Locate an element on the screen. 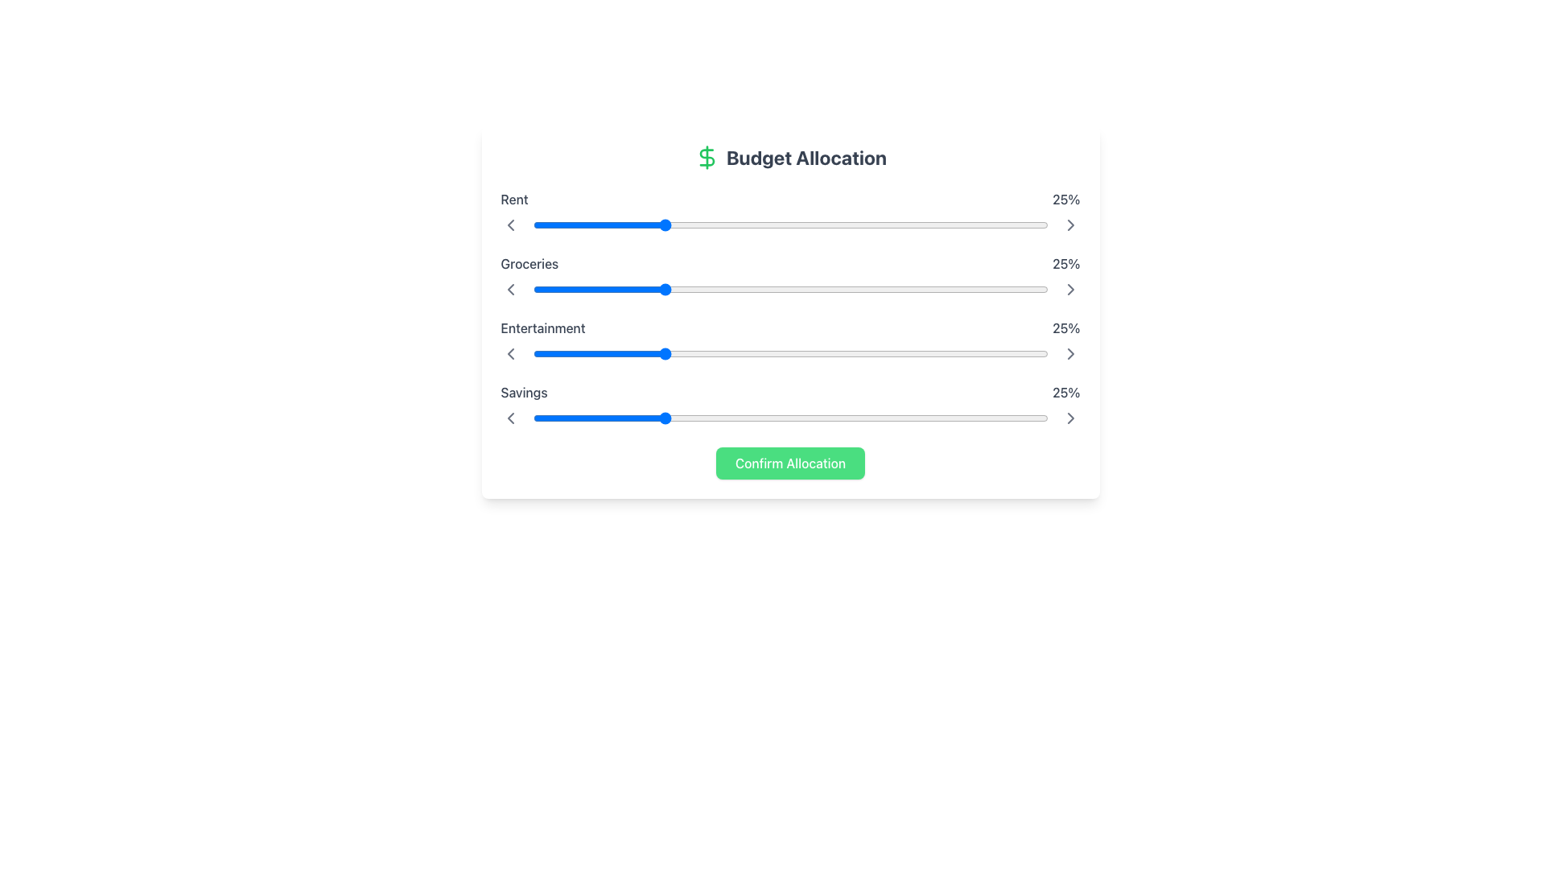 This screenshot has height=869, width=1545. the slider value is located at coordinates (974, 288).